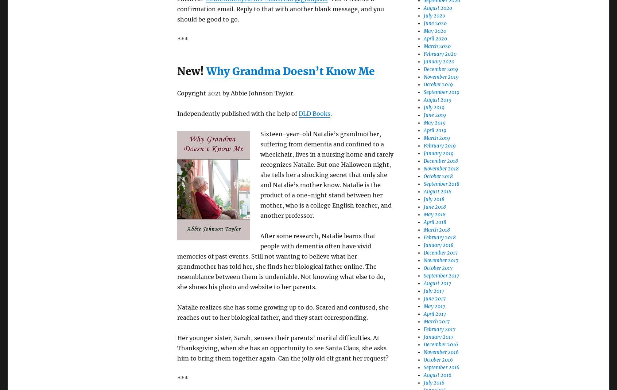 The image size is (617, 390). Describe the element at coordinates (282, 312) in the screenshot. I see `'Natalie realizes she has some growing up to do. Scared and confused, she reaches out to her biological father, and they start corresponding.'` at that location.